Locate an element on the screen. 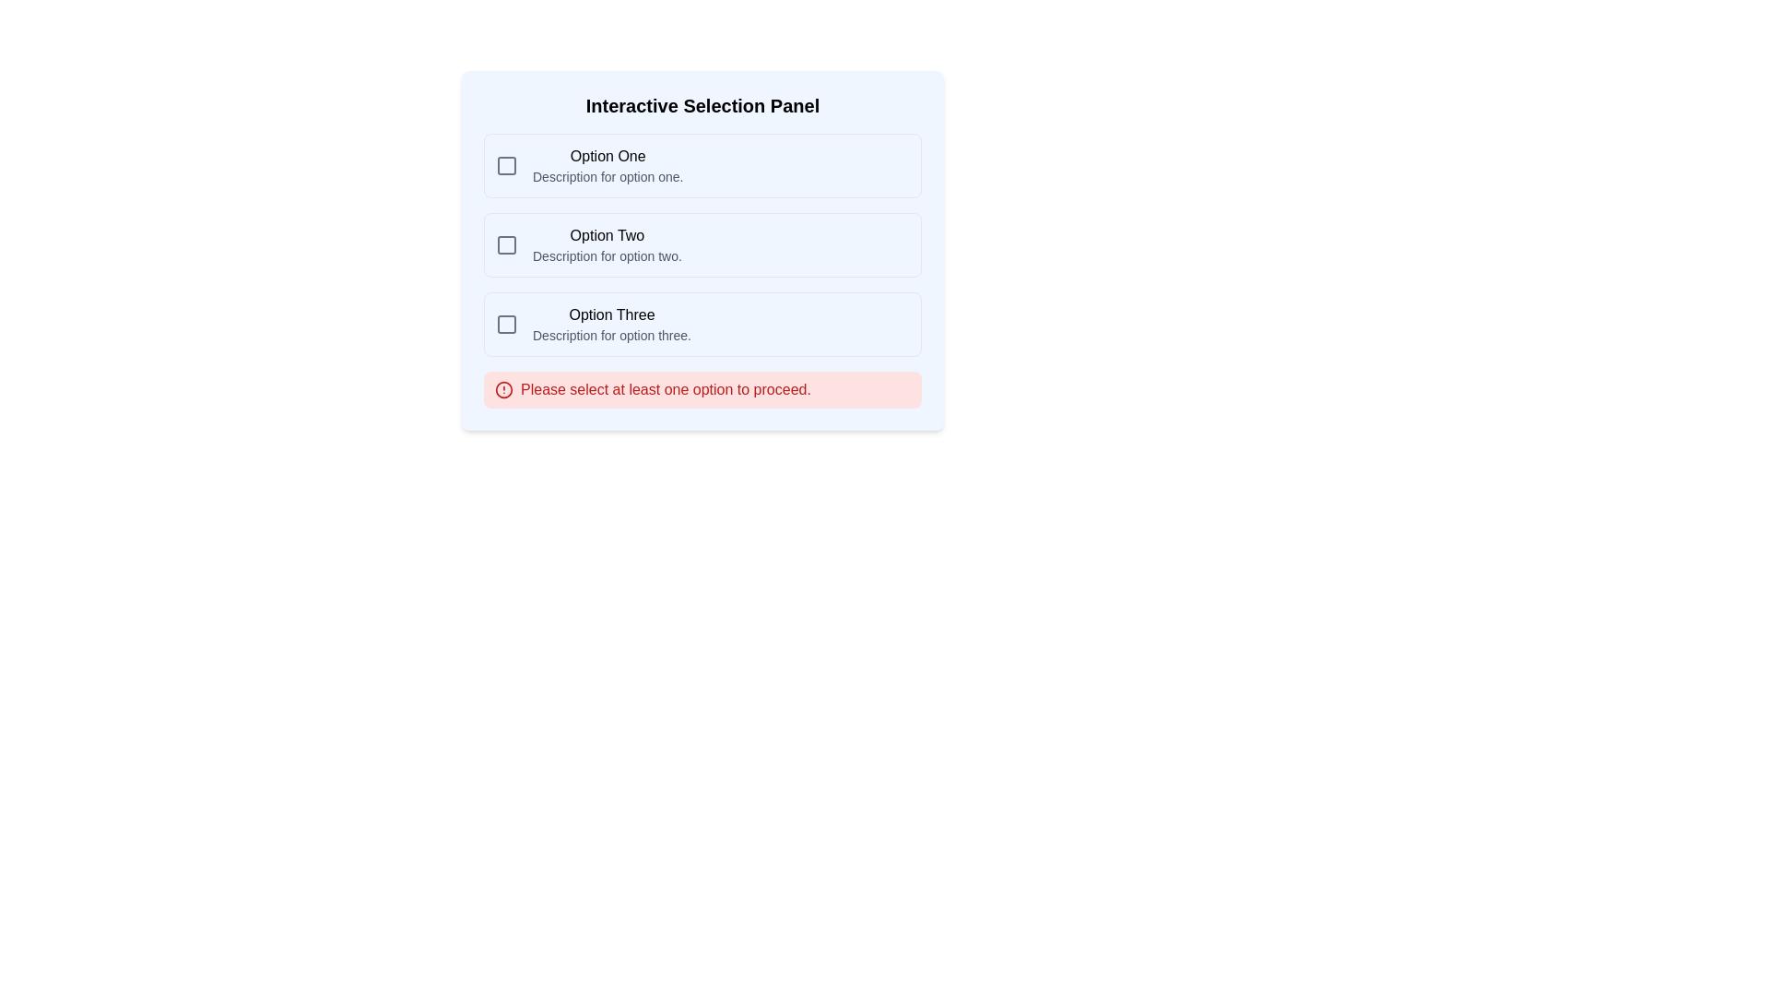 This screenshot has height=996, width=1770. the Checkbox Indicator for 'Option Two' is located at coordinates (507, 244).